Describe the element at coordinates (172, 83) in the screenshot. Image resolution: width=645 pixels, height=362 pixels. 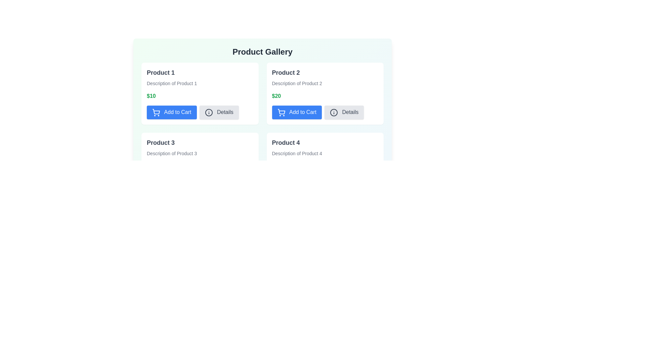
I see `the descriptive text label for 'Product 1' located directly below its title and above the price '$10'` at that location.